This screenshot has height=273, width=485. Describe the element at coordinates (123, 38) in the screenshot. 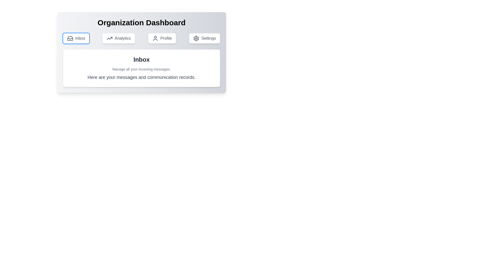

I see `the 'Analytics' text label, which is styled in a medium font size and is positioned centrally within a button-like component adjacent to similar buttons` at that location.